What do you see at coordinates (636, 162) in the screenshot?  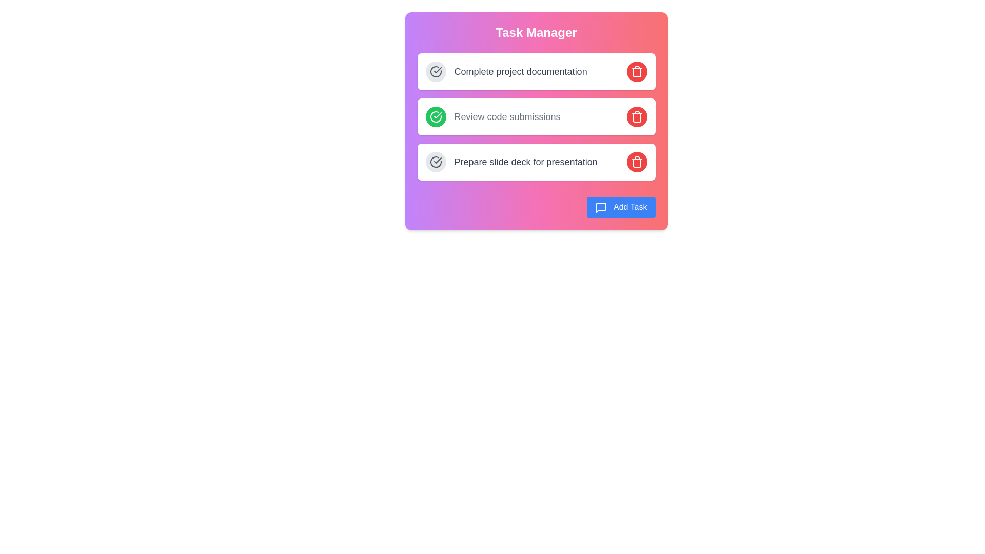 I see `the delete button located at the far-right end of the row for the task labeled 'Prepare slide deck for presentation' for accessibility purposes` at bounding box center [636, 162].